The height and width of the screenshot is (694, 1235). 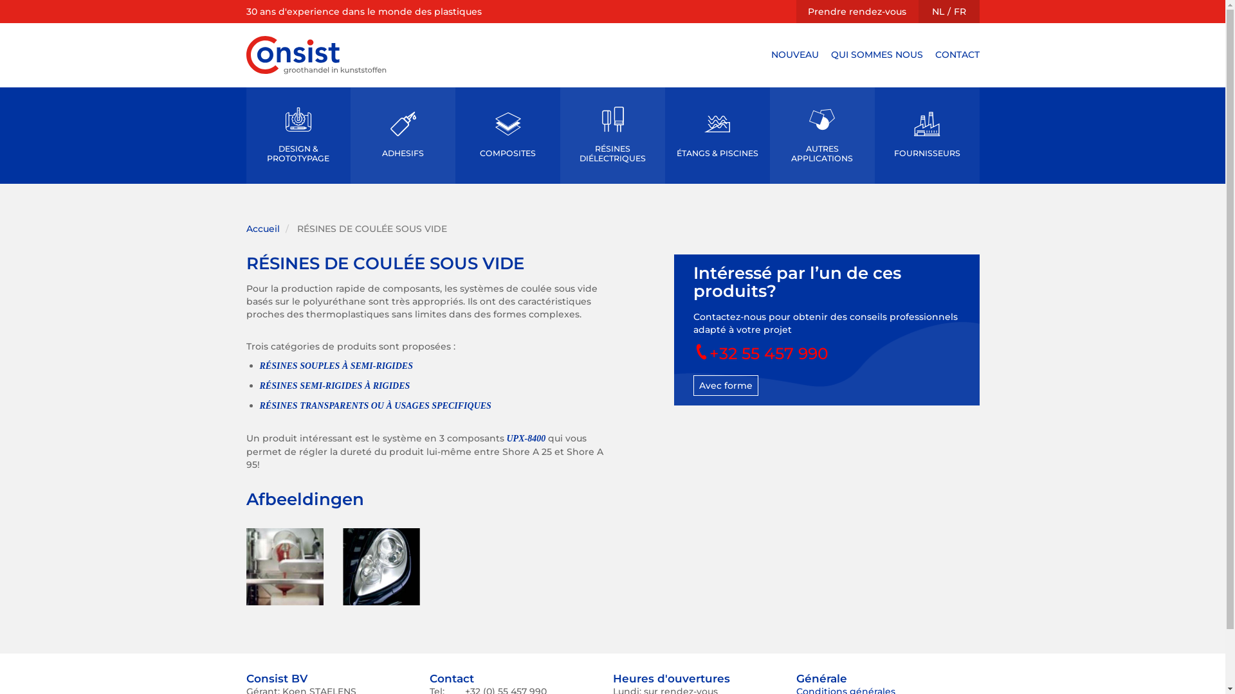 I want to click on 'ADHESIFS', so click(x=402, y=136).